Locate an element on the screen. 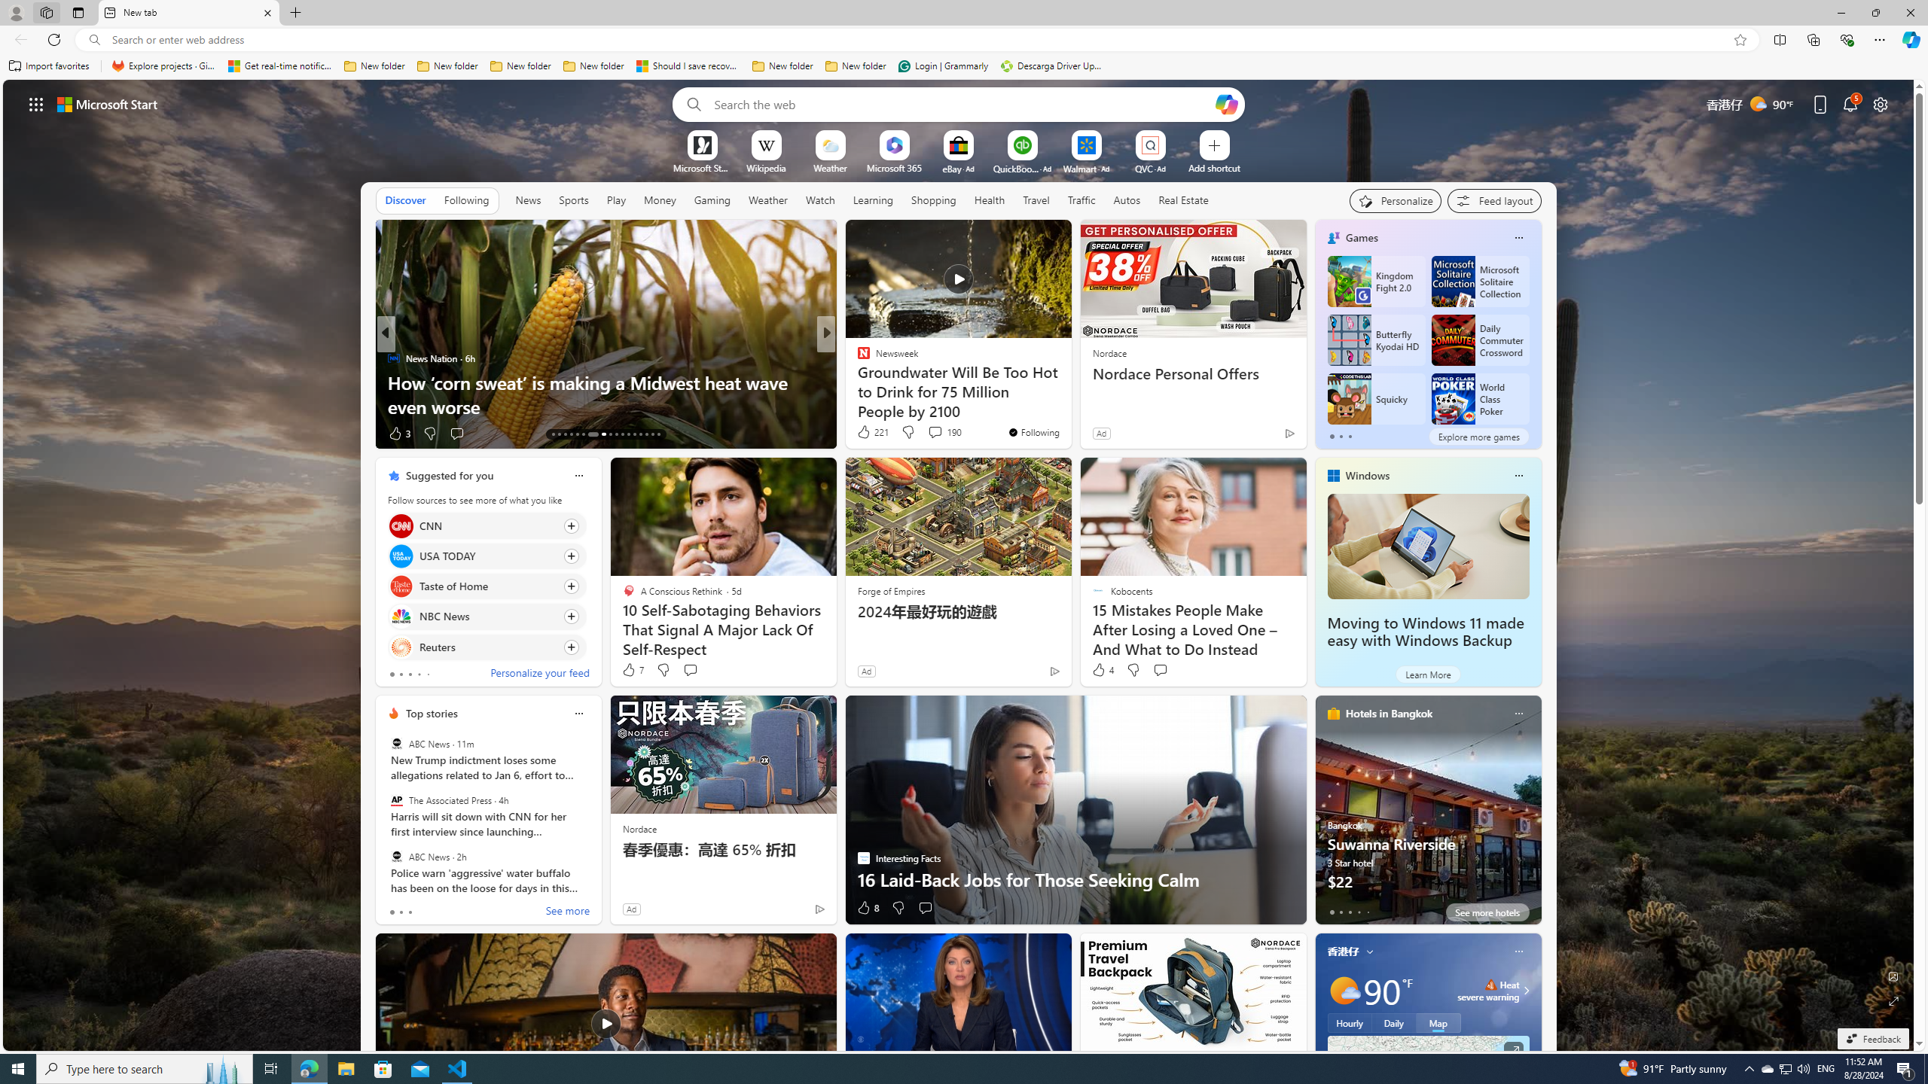 The image size is (1928, 1084). 'AutomationID: tab-24' is located at coordinates (627, 434).